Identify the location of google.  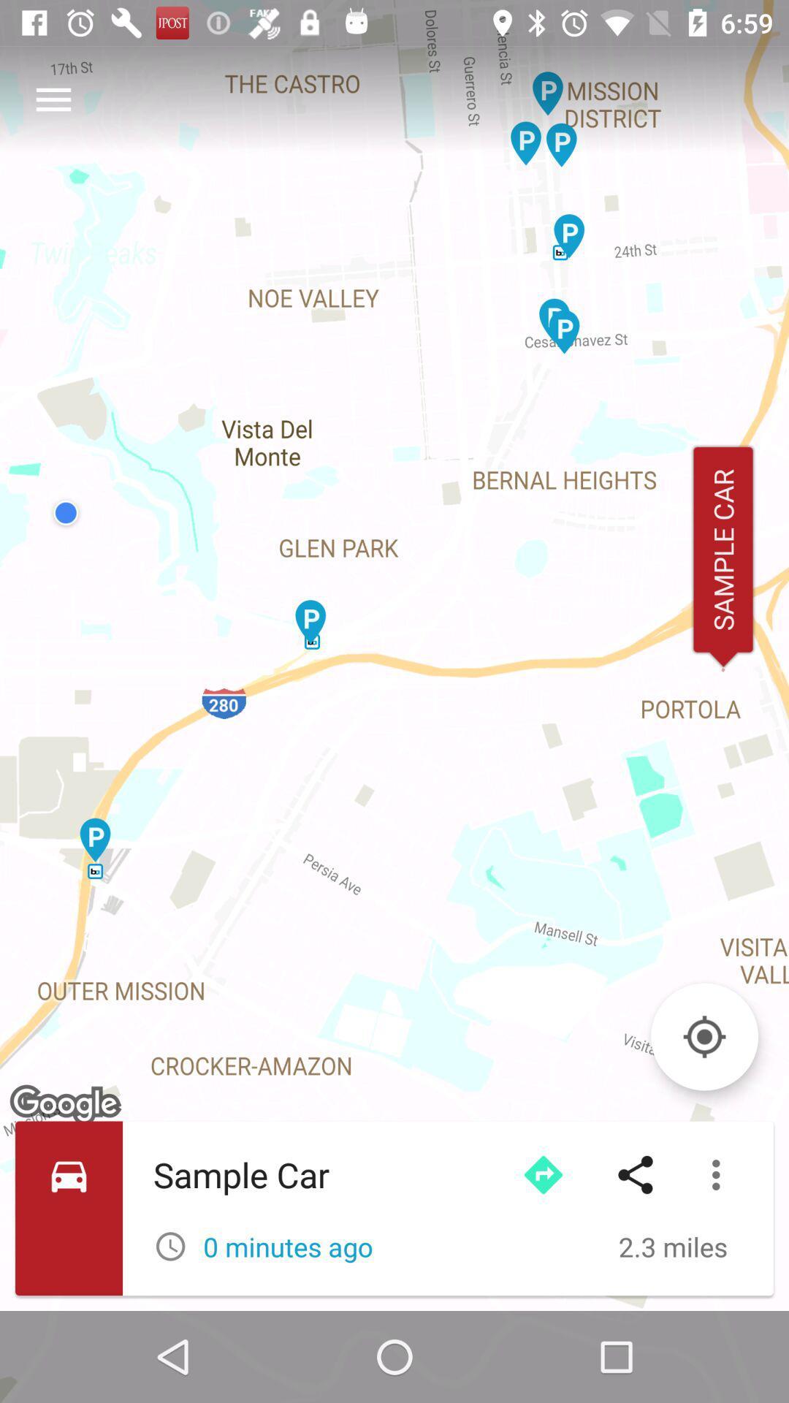
(67, 1105).